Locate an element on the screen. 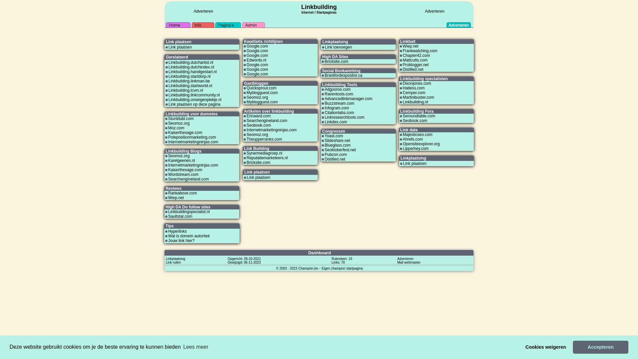  'Hyperlinks' is located at coordinates (177, 231).